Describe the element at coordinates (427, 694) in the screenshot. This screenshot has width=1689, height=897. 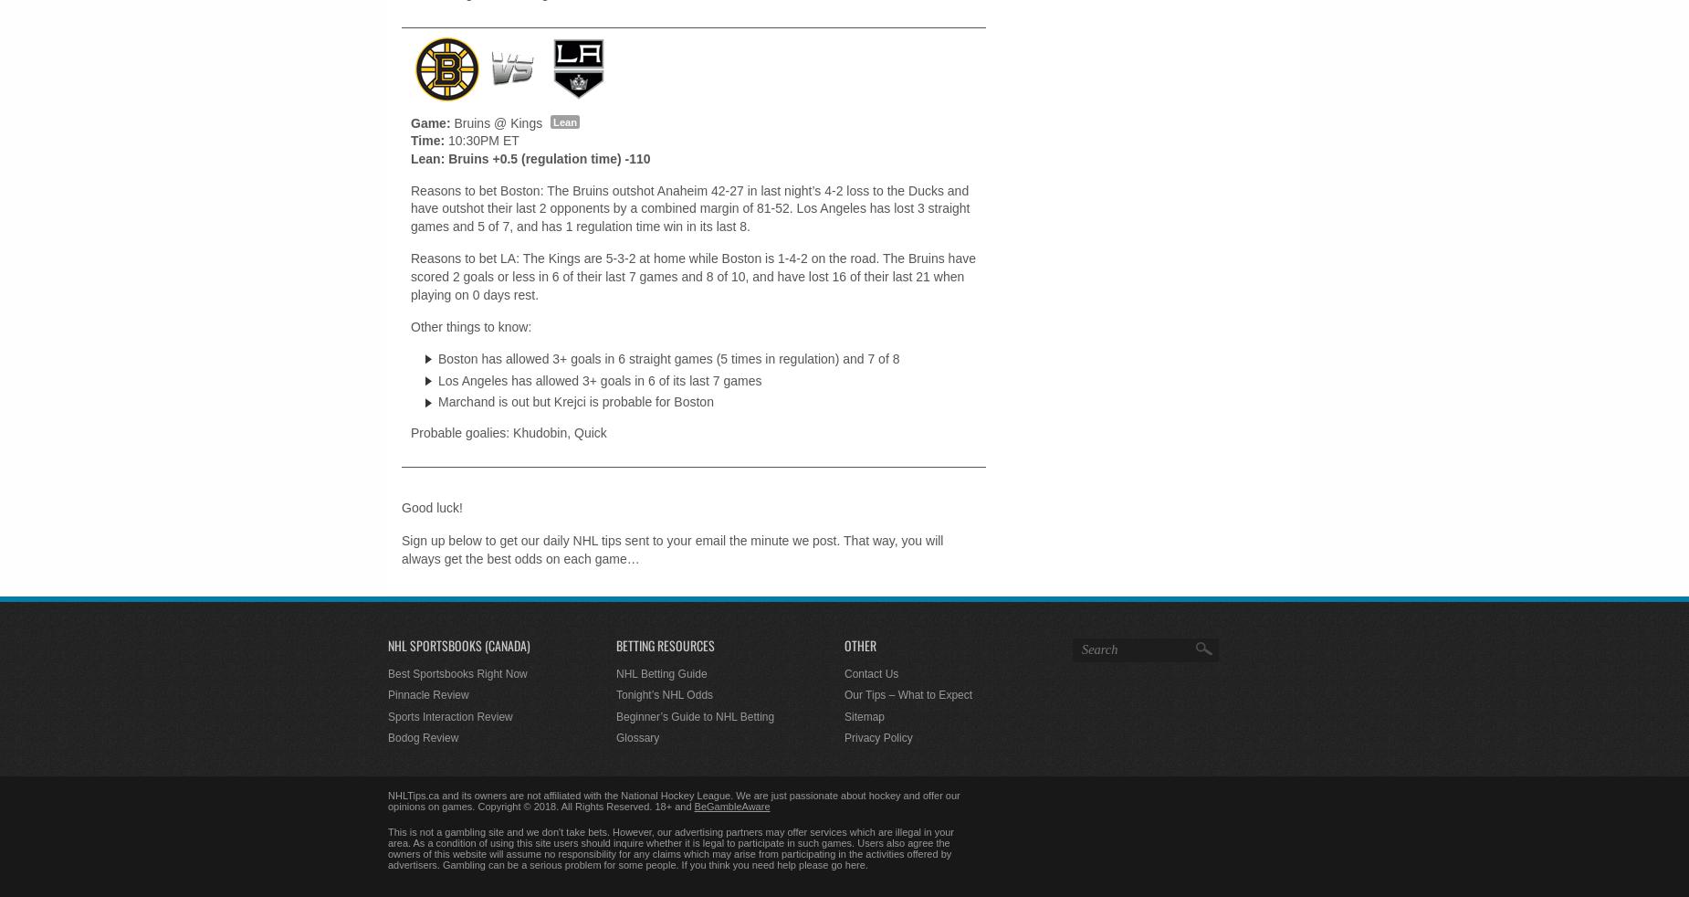
I see `'Pinnacle Review'` at that location.